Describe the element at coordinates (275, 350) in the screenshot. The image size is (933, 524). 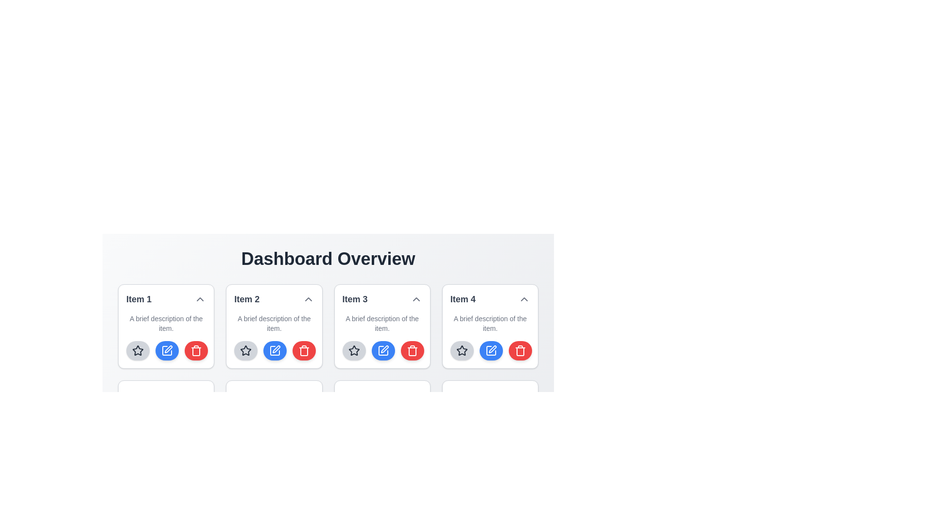
I see `the edit icon associated with 'Item 2'` at that location.